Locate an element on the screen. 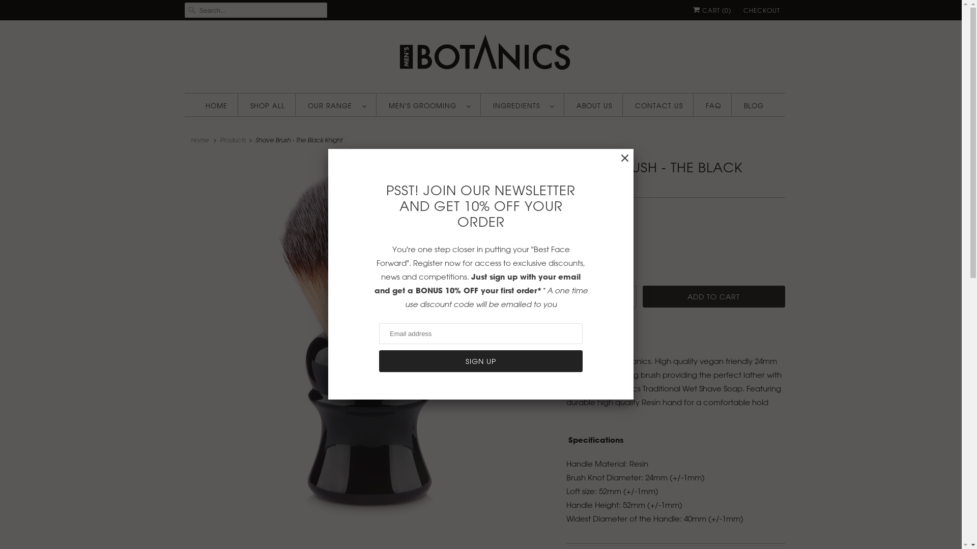  'CHECKOUT' is located at coordinates (742, 10).